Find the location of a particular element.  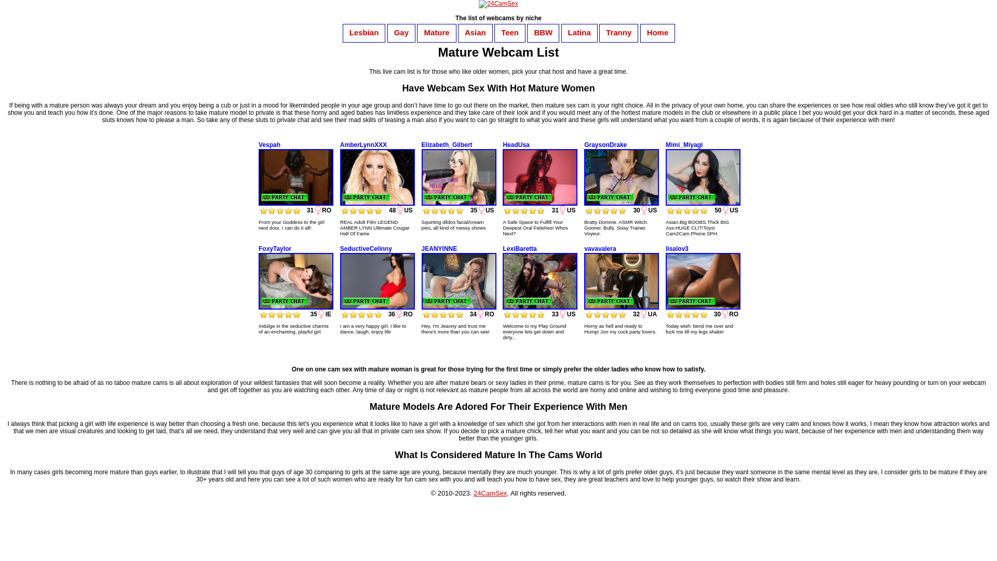

'Gay' is located at coordinates (400, 32).